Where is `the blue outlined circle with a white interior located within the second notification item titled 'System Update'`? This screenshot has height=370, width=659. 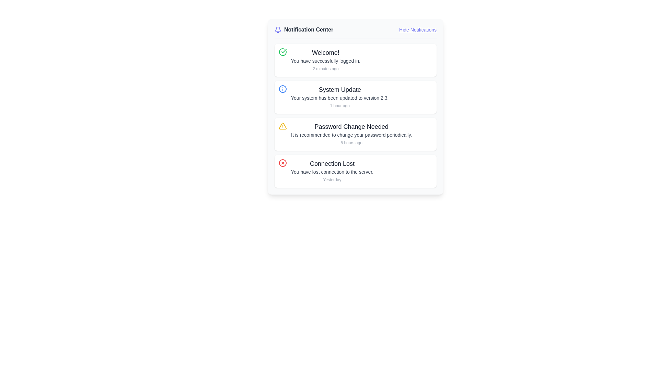
the blue outlined circle with a white interior located within the second notification item titled 'System Update' is located at coordinates (283, 88).